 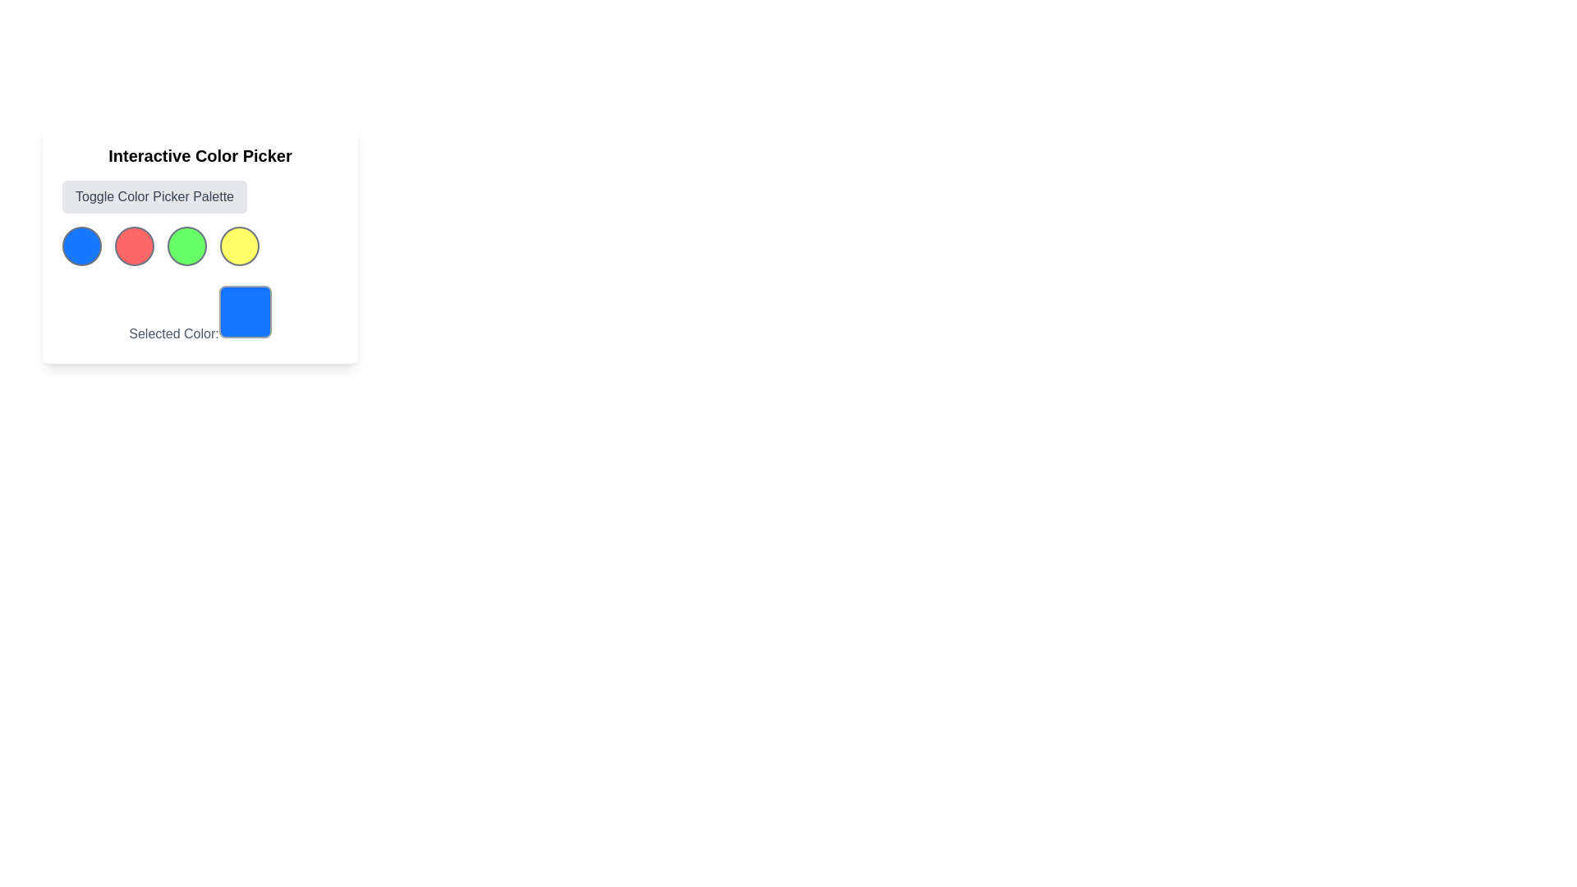 I want to click on Color Display Indicator located at the bottom-right of the 'Selected Color:' label for visual representation of the currently selected color, so click(x=244, y=312).